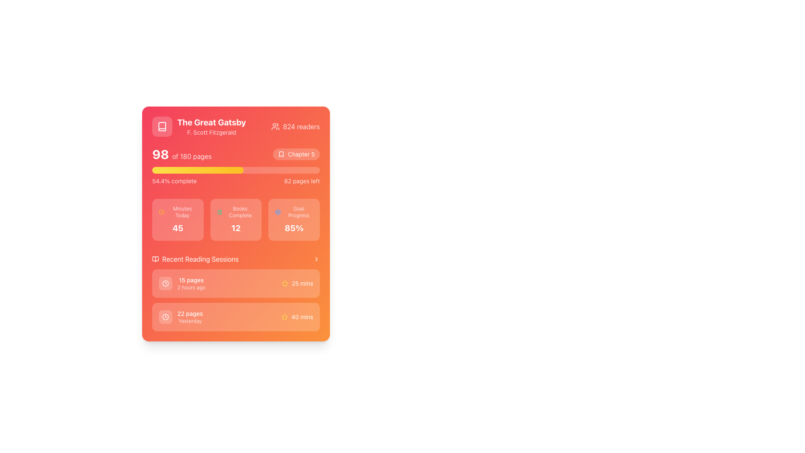 This screenshot has width=805, height=453. What do you see at coordinates (197, 170) in the screenshot?
I see `the visual representation of the progress by interacting with the horizontal gradient progress bar that indicates a completion percentage of 54.4%` at bounding box center [197, 170].